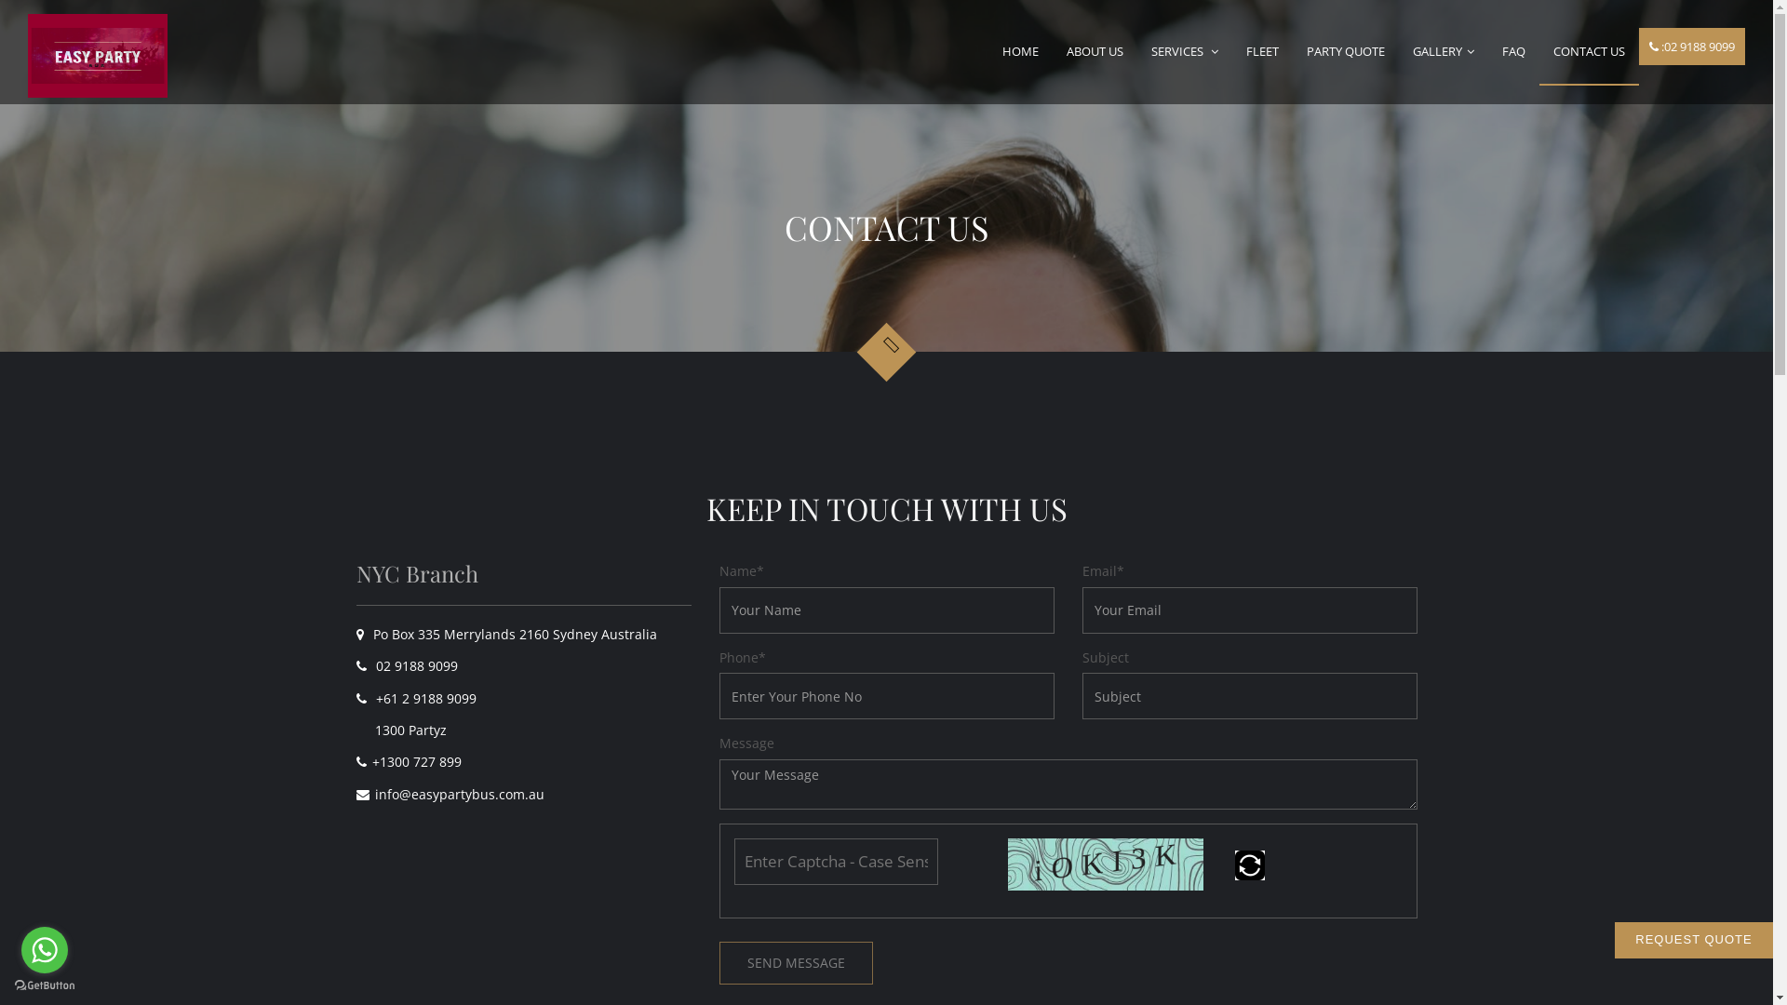 The image size is (1787, 1005). I want to click on '1300 Partyz', so click(402, 729).